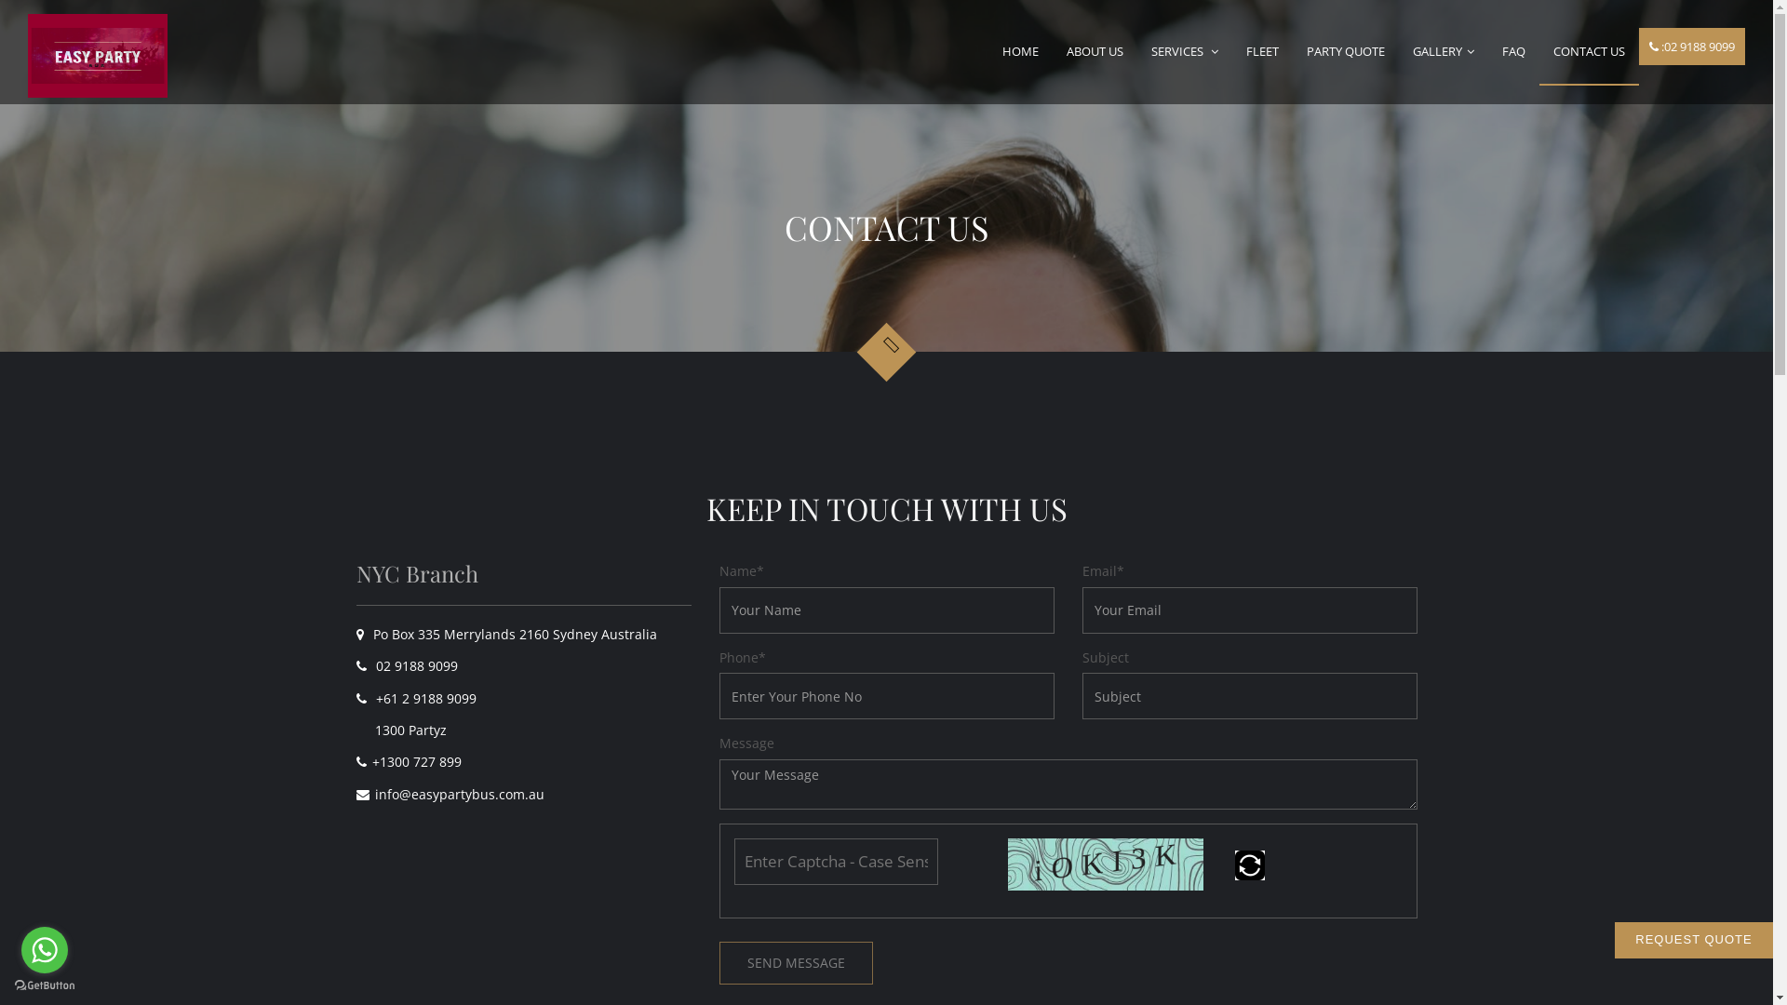 The image size is (1787, 1005). I want to click on '1300 Partyz', so click(402, 729).